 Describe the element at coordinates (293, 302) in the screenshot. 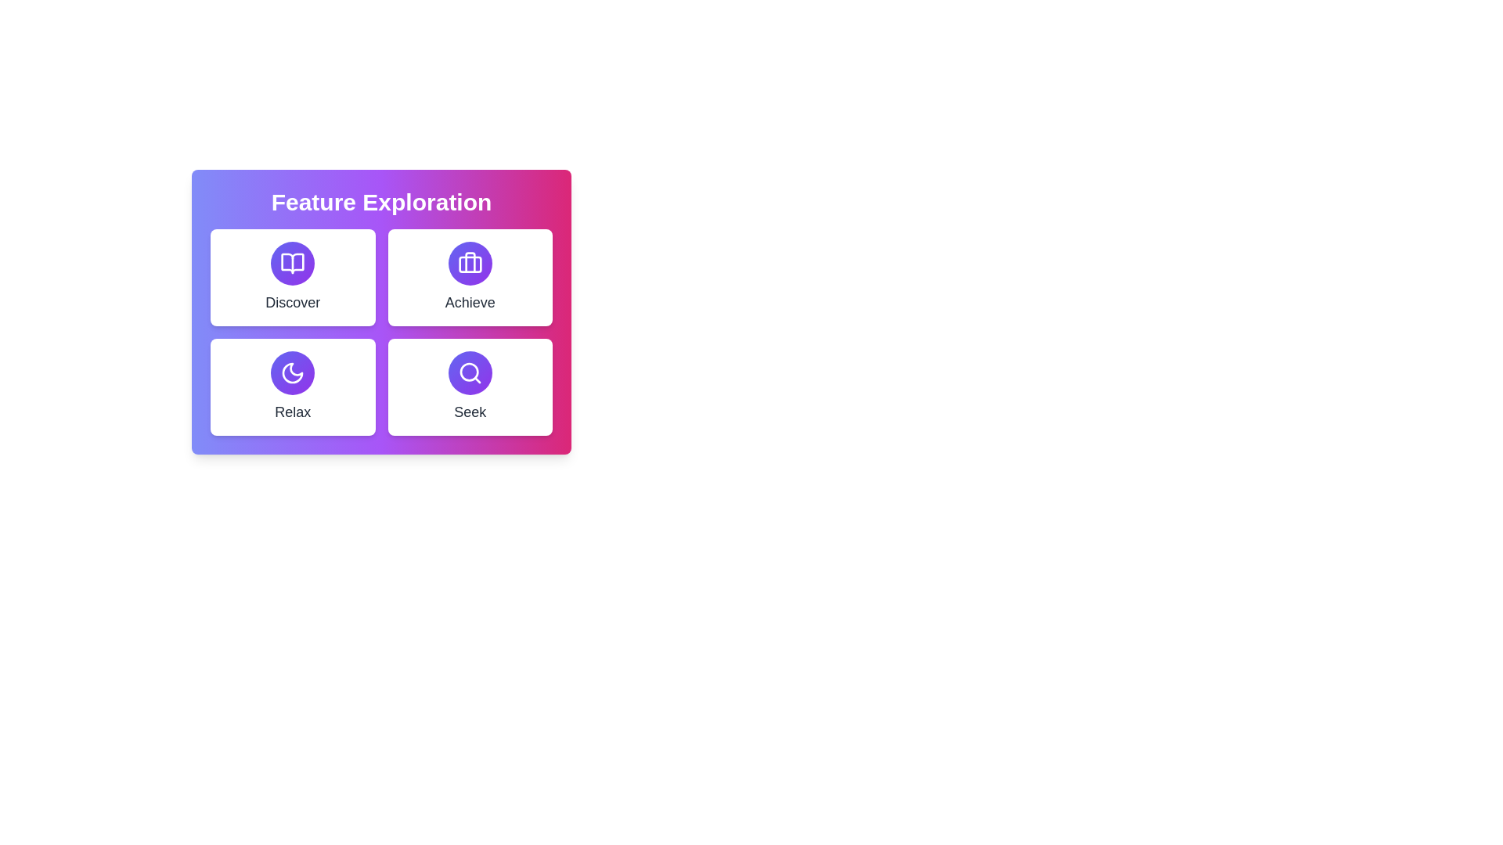

I see `the informational text label 'Discover' located in the top-left card of the 2x2 grid, which serves as a title or description for its associated feature` at that location.